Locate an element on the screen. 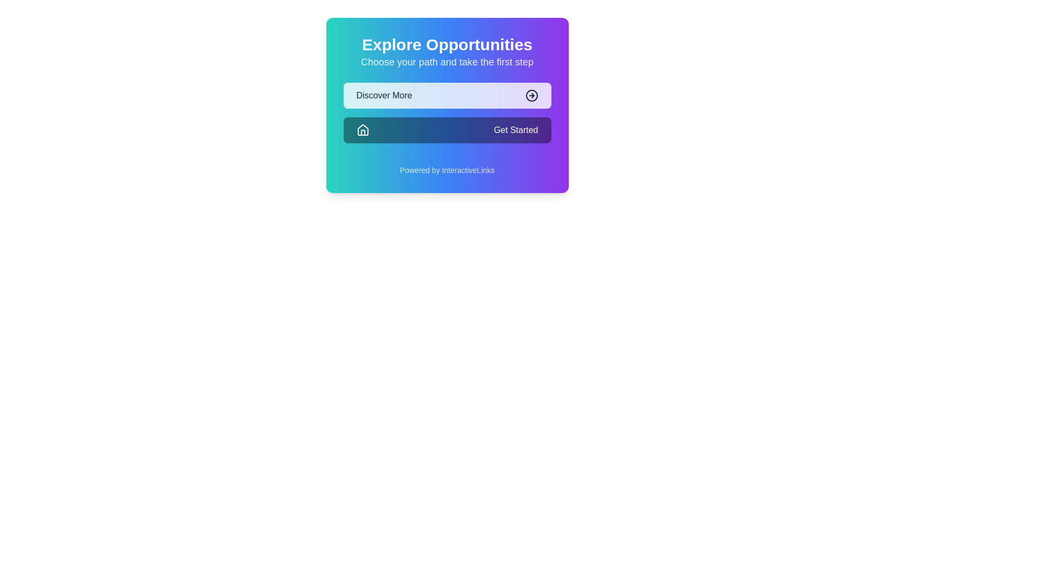 The height and width of the screenshot is (584, 1039). the text label that displays 'Powered by InteractiveLinks', which is styled in a small font and positioned at the bottom of a card-like layout is located at coordinates (447, 170).